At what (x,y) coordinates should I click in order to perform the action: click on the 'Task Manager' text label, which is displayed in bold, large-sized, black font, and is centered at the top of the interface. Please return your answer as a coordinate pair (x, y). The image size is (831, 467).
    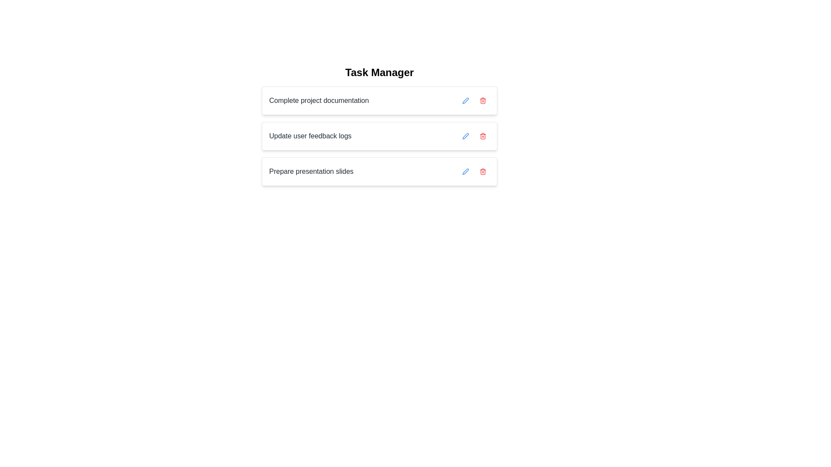
    Looking at the image, I should click on (380, 72).